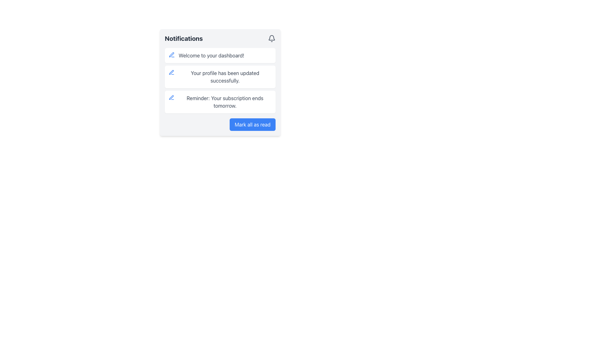 The image size is (604, 339). What do you see at coordinates (171, 72) in the screenshot?
I see `the update notification icon that is located to the left of the text 'Your profile has been updated successfully.' It is the second item in the vertically stacked list of notifications` at bounding box center [171, 72].